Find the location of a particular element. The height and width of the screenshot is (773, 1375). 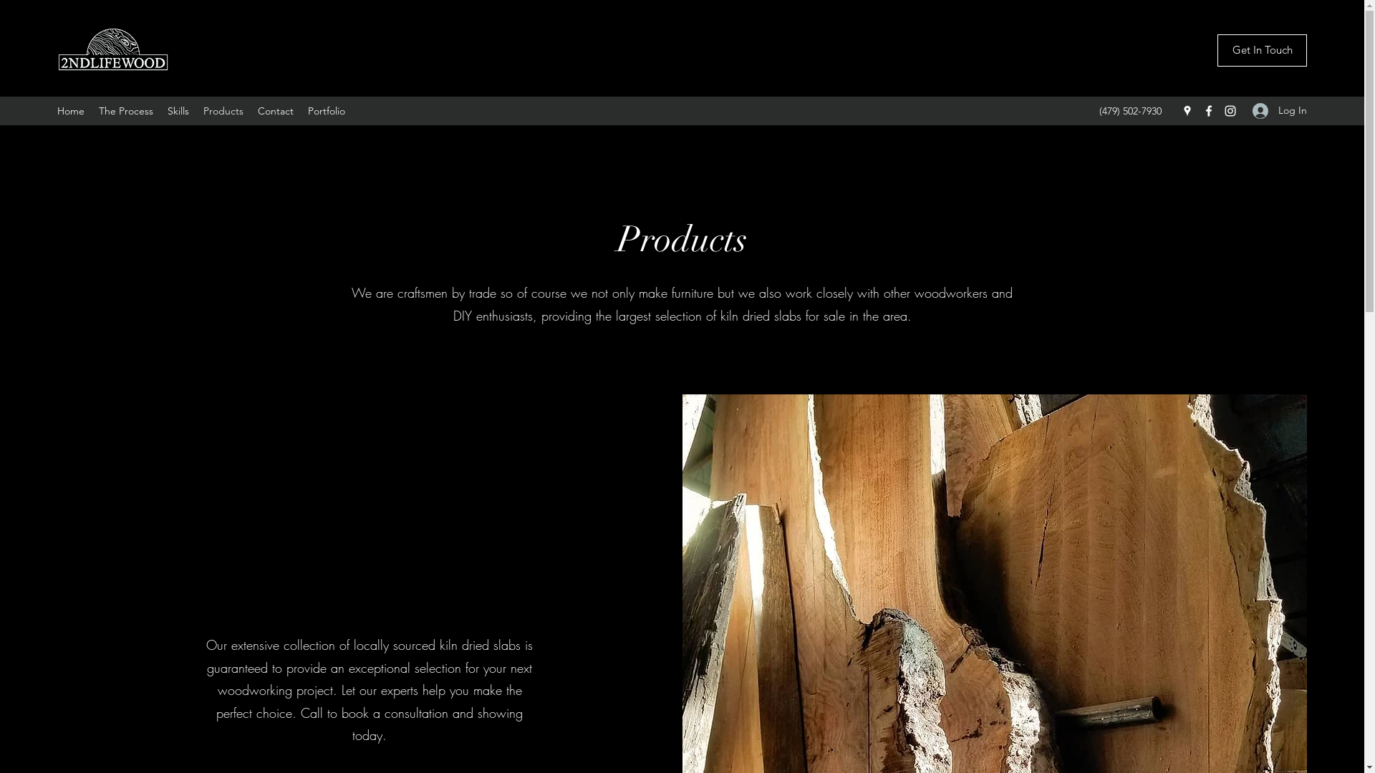

'Log In' is located at coordinates (1275, 110).